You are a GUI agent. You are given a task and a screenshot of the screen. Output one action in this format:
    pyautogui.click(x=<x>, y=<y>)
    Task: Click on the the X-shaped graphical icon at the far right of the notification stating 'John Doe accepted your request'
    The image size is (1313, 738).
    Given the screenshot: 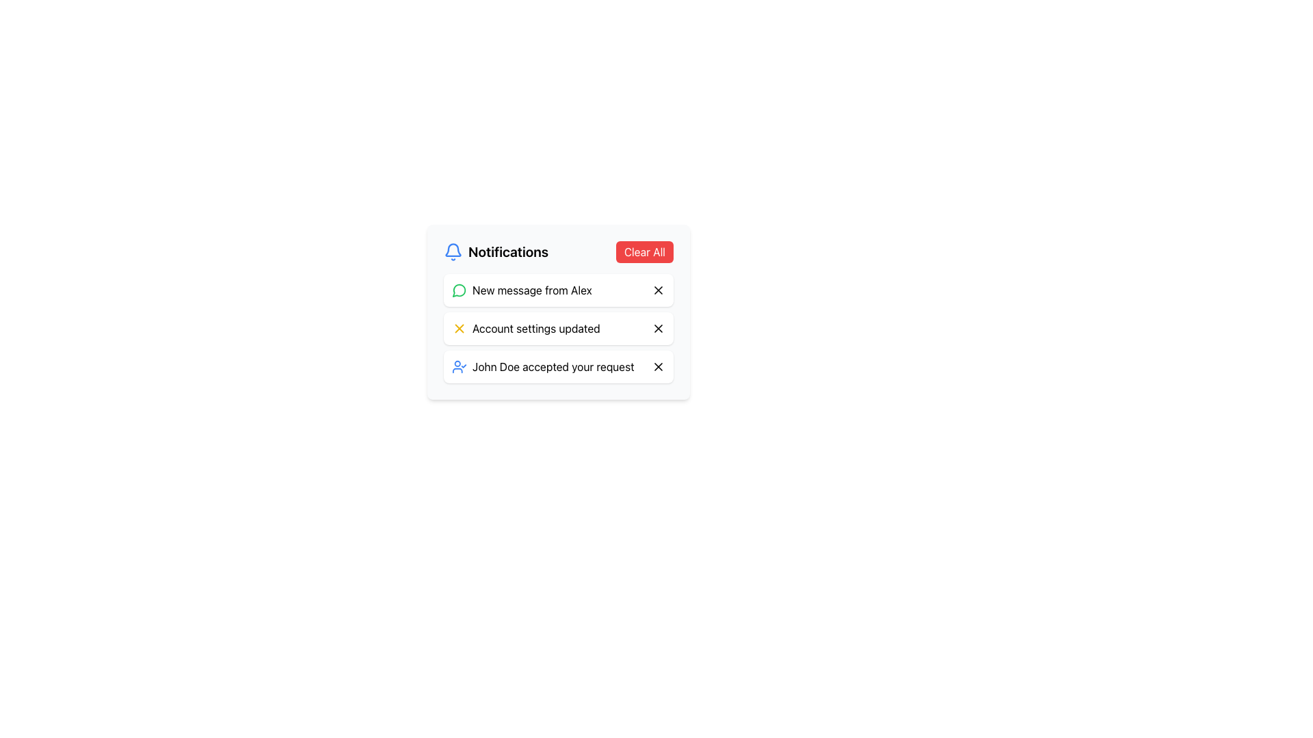 What is the action you would take?
    pyautogui.click(x=659, y=366)
    